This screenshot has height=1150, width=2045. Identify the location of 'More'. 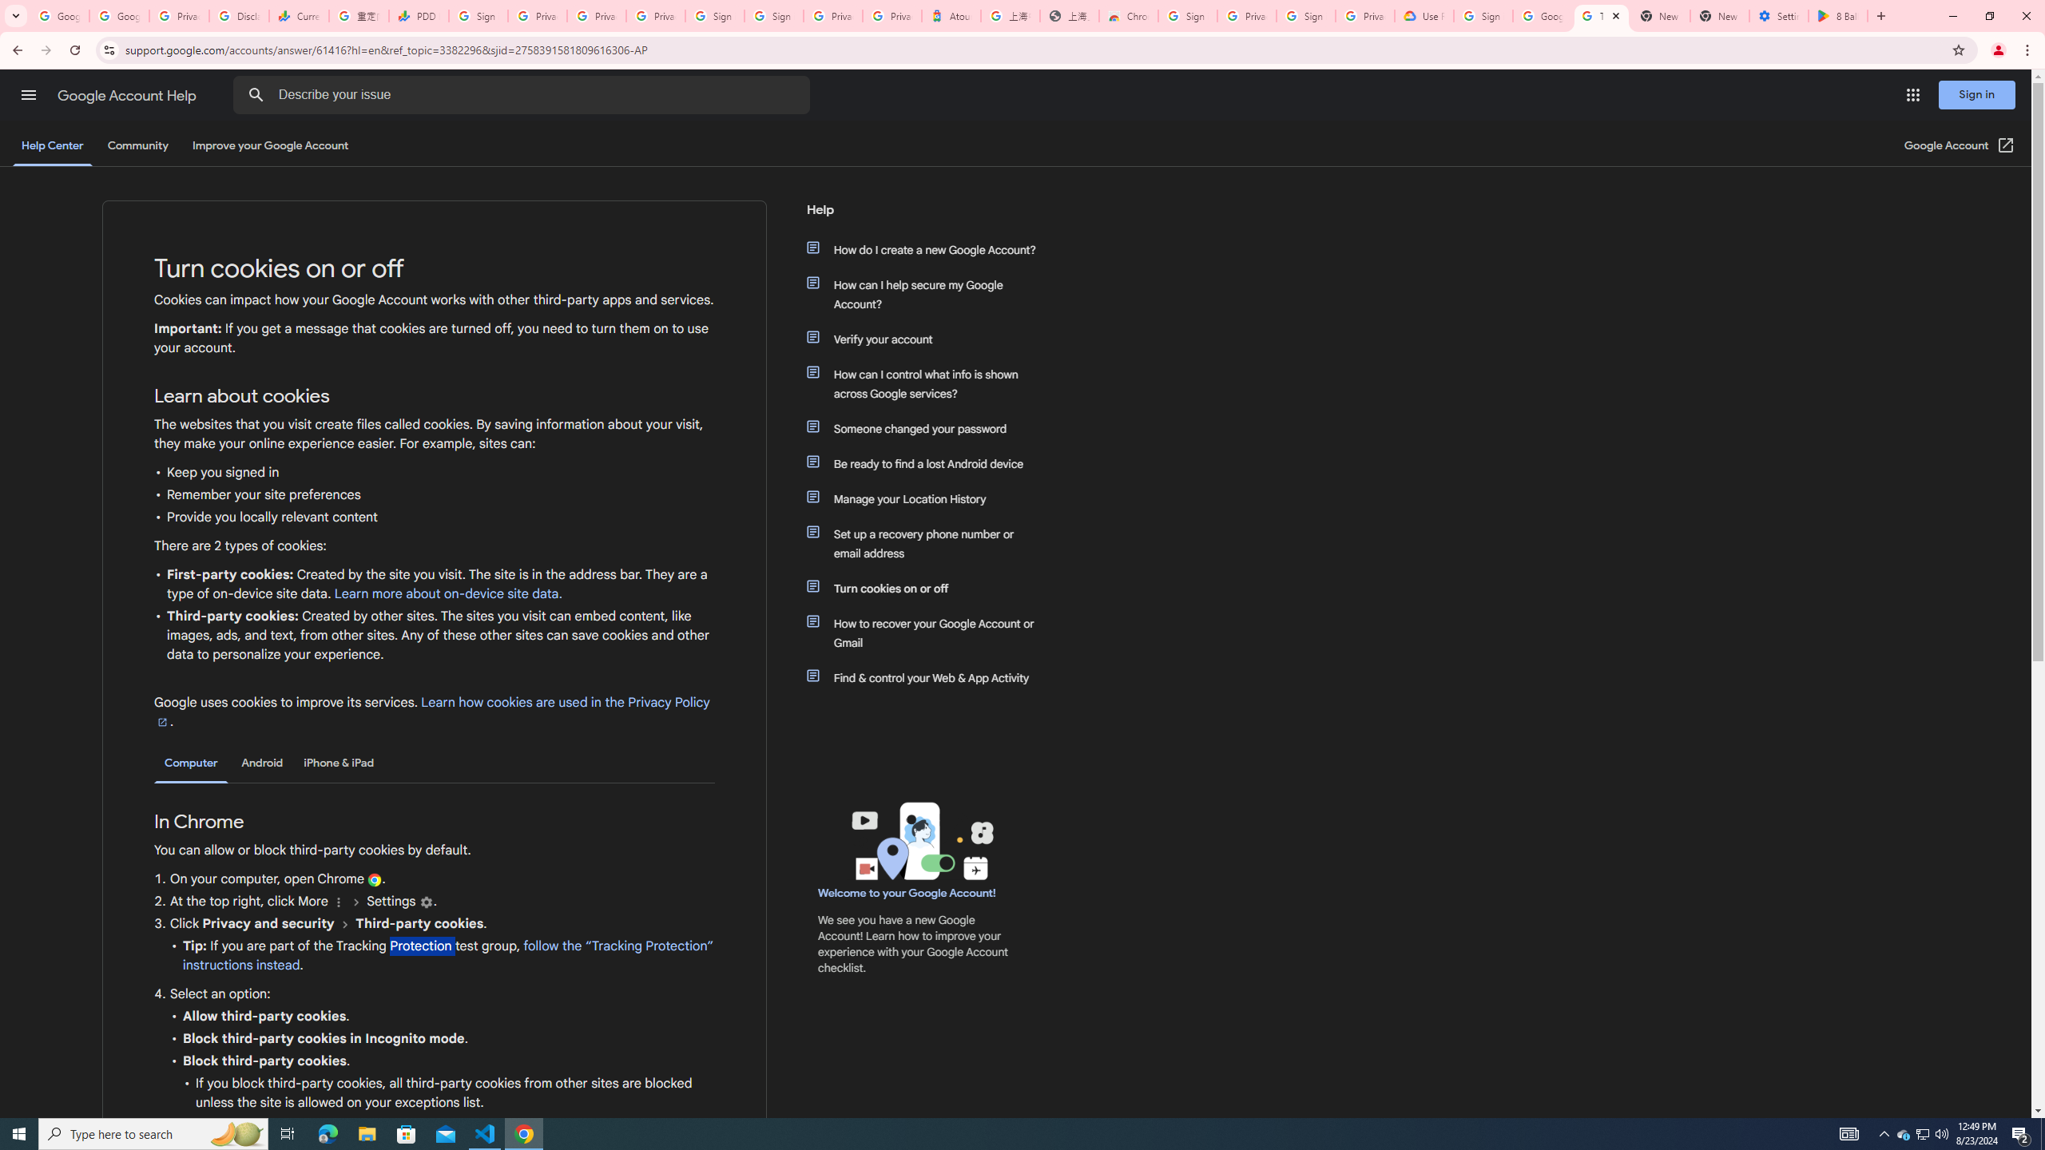
(338, 902).